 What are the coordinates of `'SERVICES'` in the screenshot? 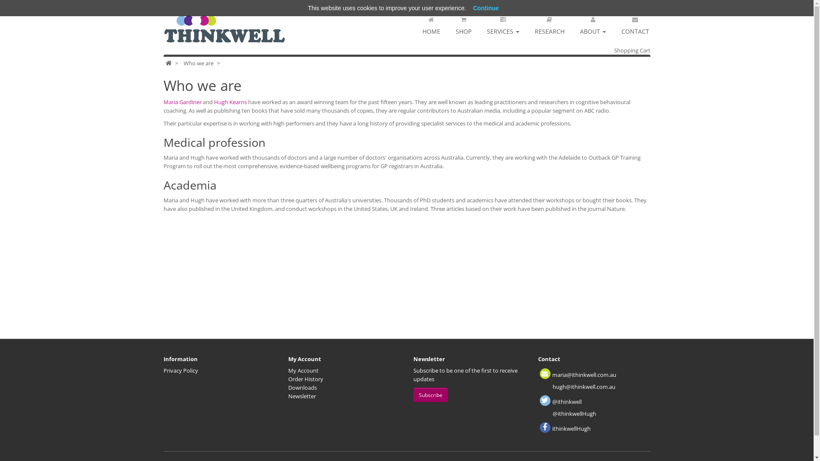 It's located at (479, 23).